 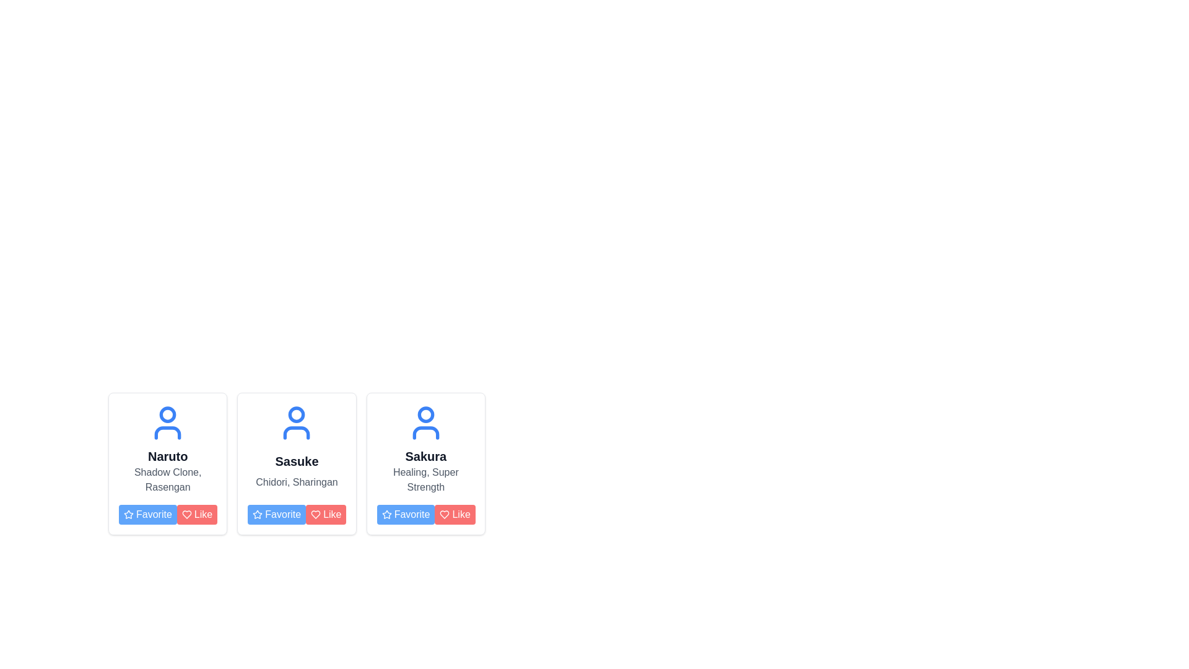 What do you see at coordinates (296, 414) in the screenshot?
I see `the surrounding area of the circular shape located at the top center of the human figure icon in the central card` at bounding box center [296, 414].